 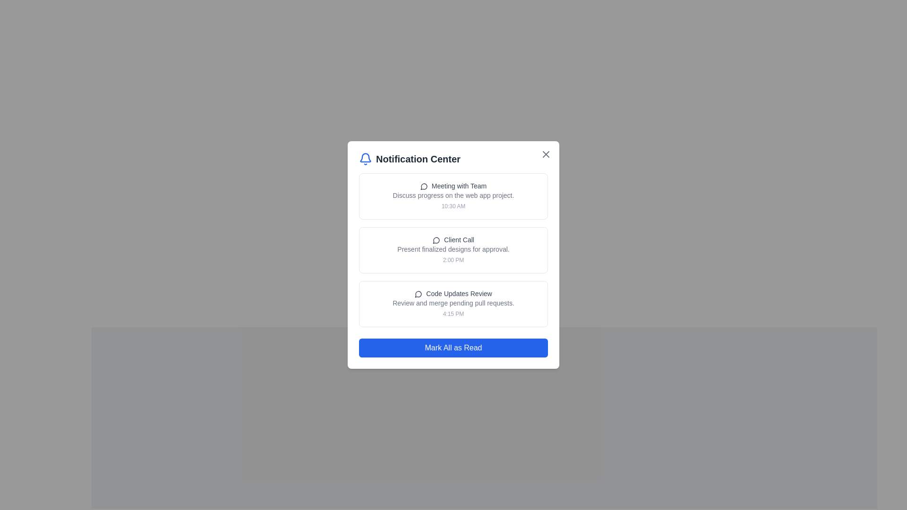 What do you see at coordinates (453, 314) in the screenshot?
I see `timestamp text label located at the bottom right corner of the notification card` at bounding box center [453, 314].